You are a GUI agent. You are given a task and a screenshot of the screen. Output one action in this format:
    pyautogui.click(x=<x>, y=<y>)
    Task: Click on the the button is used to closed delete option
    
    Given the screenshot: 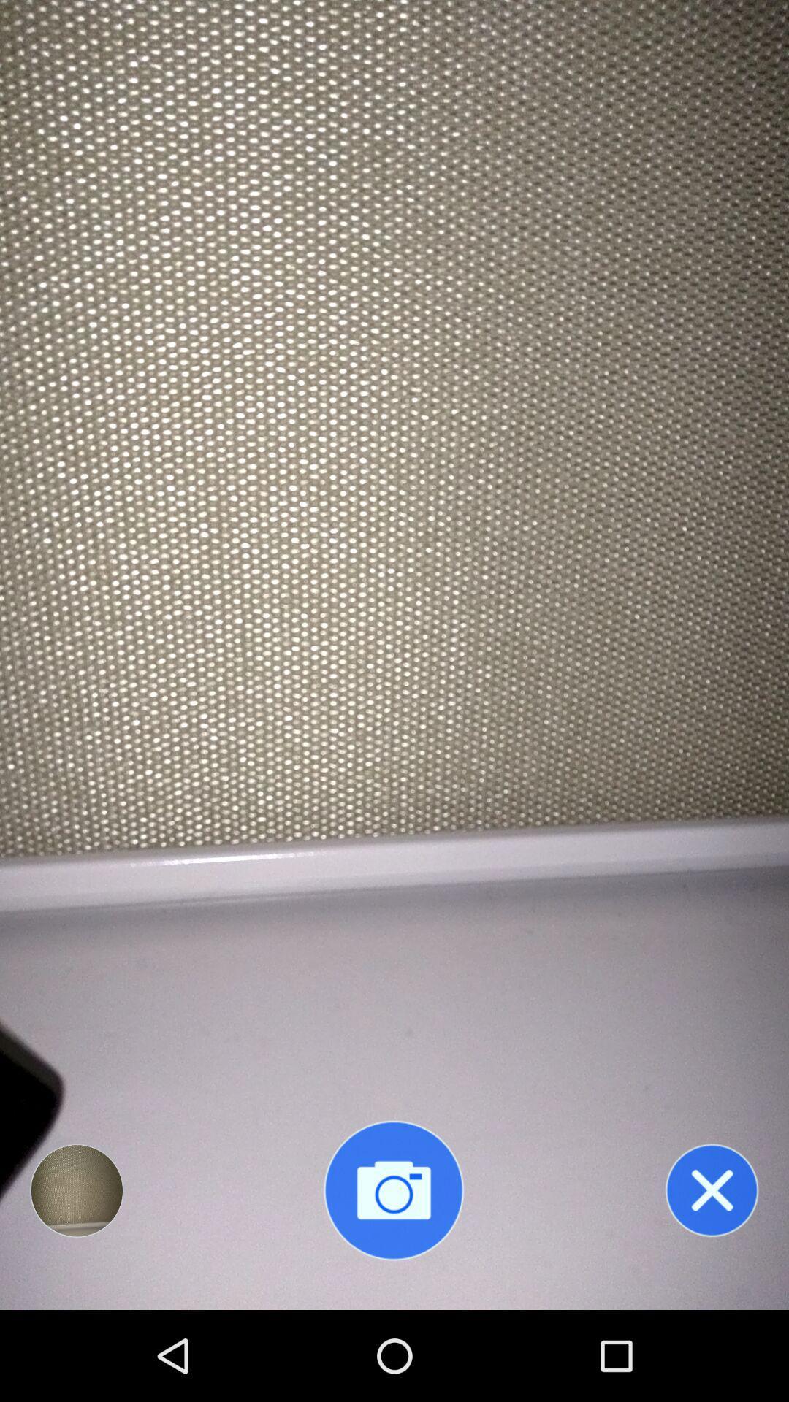 What is the action you would take?
    pyautogui.click(x=711, y=1190)
    